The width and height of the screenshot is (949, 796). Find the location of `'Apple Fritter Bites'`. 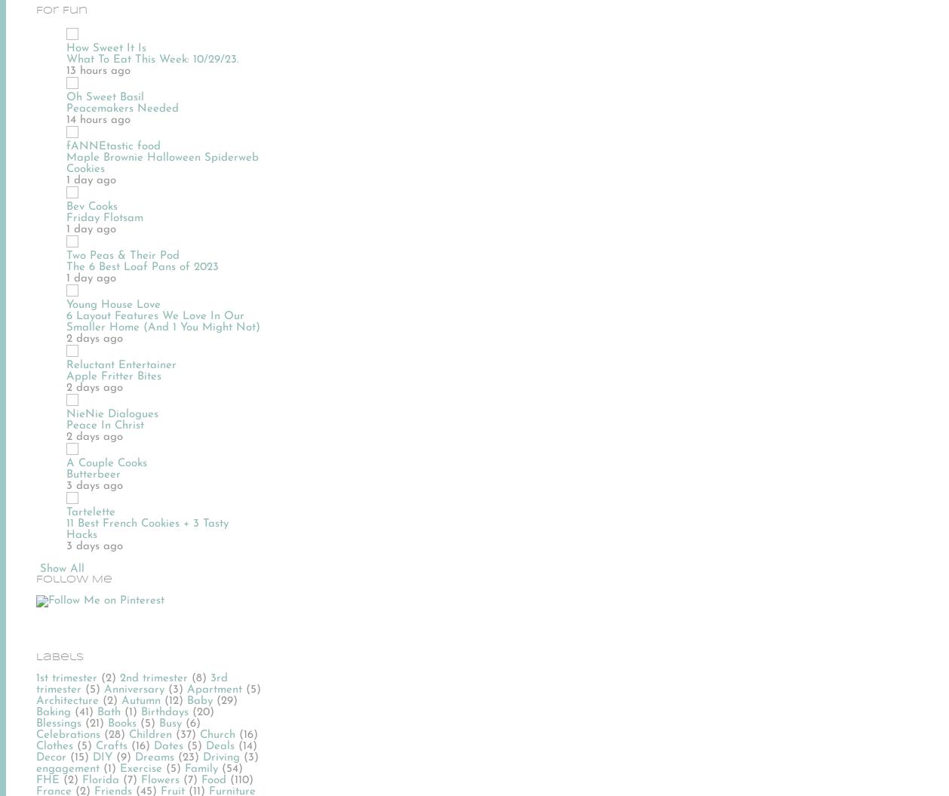

'Apple Fritter Bites' is located at coordinates (113, 376).